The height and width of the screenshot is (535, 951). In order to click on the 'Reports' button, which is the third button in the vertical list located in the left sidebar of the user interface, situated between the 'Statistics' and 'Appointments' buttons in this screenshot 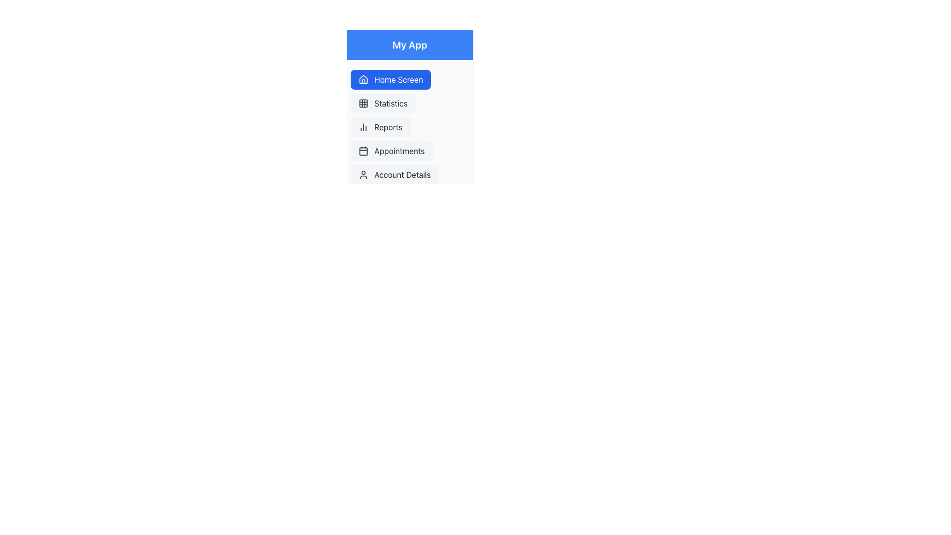, I will do `click(380, 127)`.